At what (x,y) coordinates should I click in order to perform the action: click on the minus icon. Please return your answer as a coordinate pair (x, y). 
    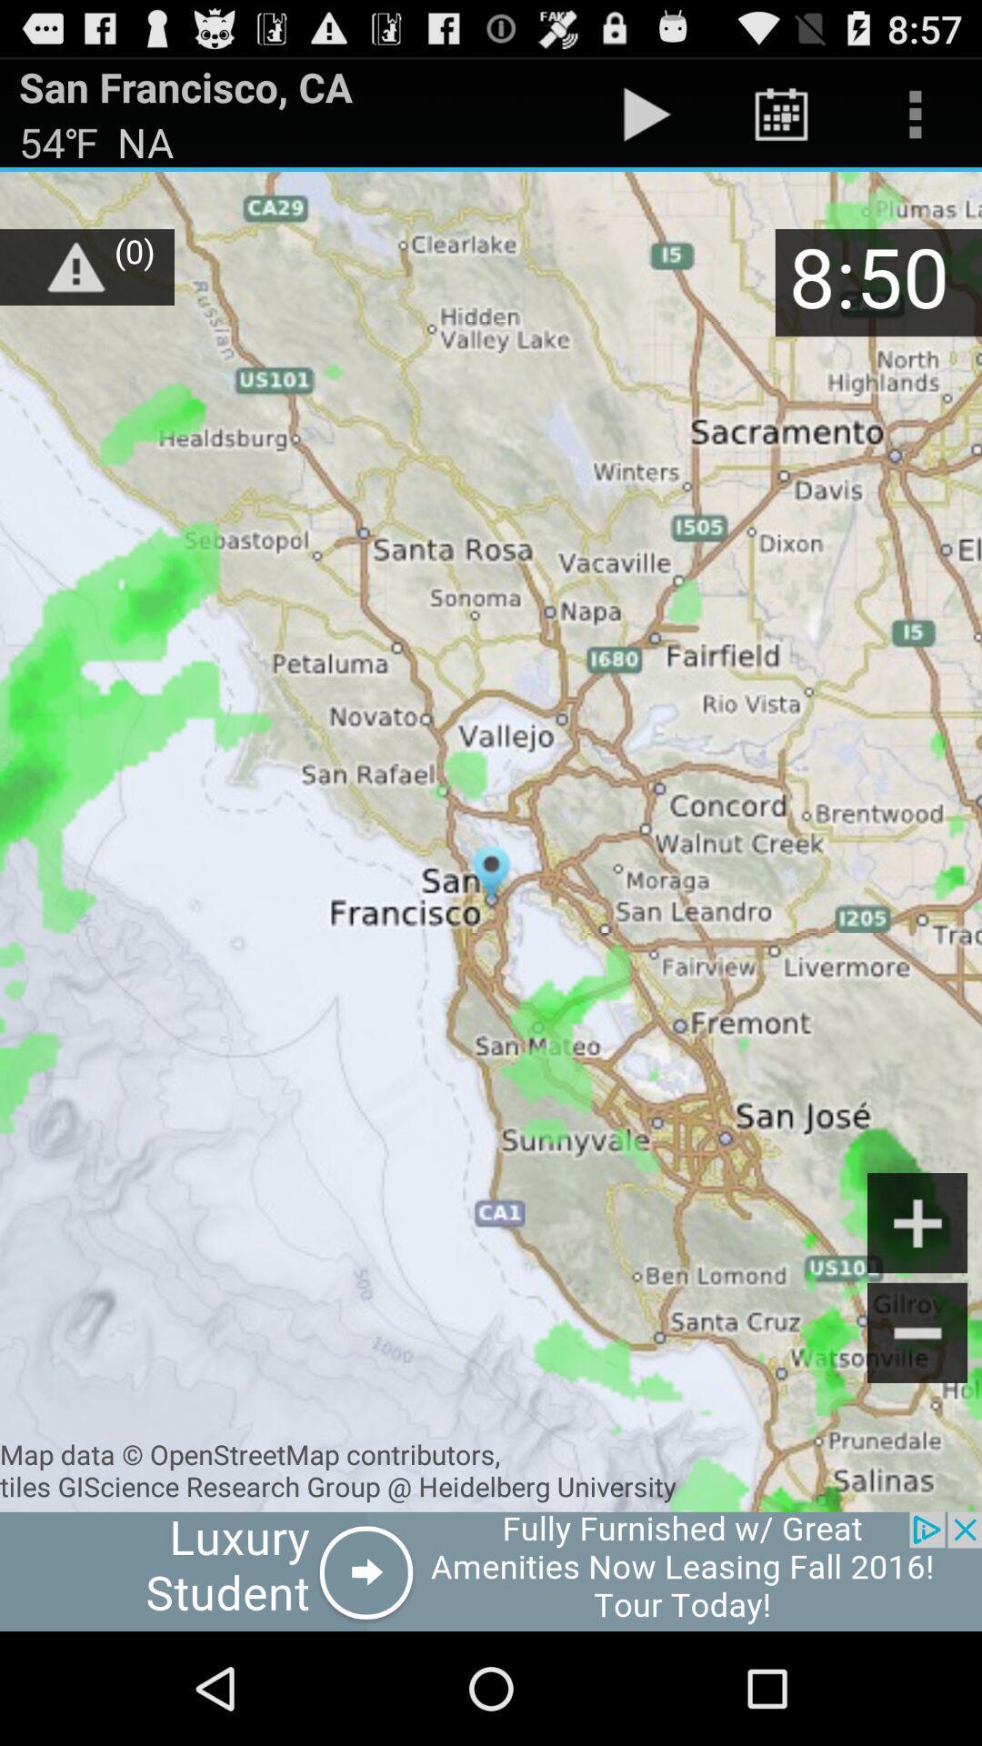
    Looking at the image, I should click on (917, 1425).